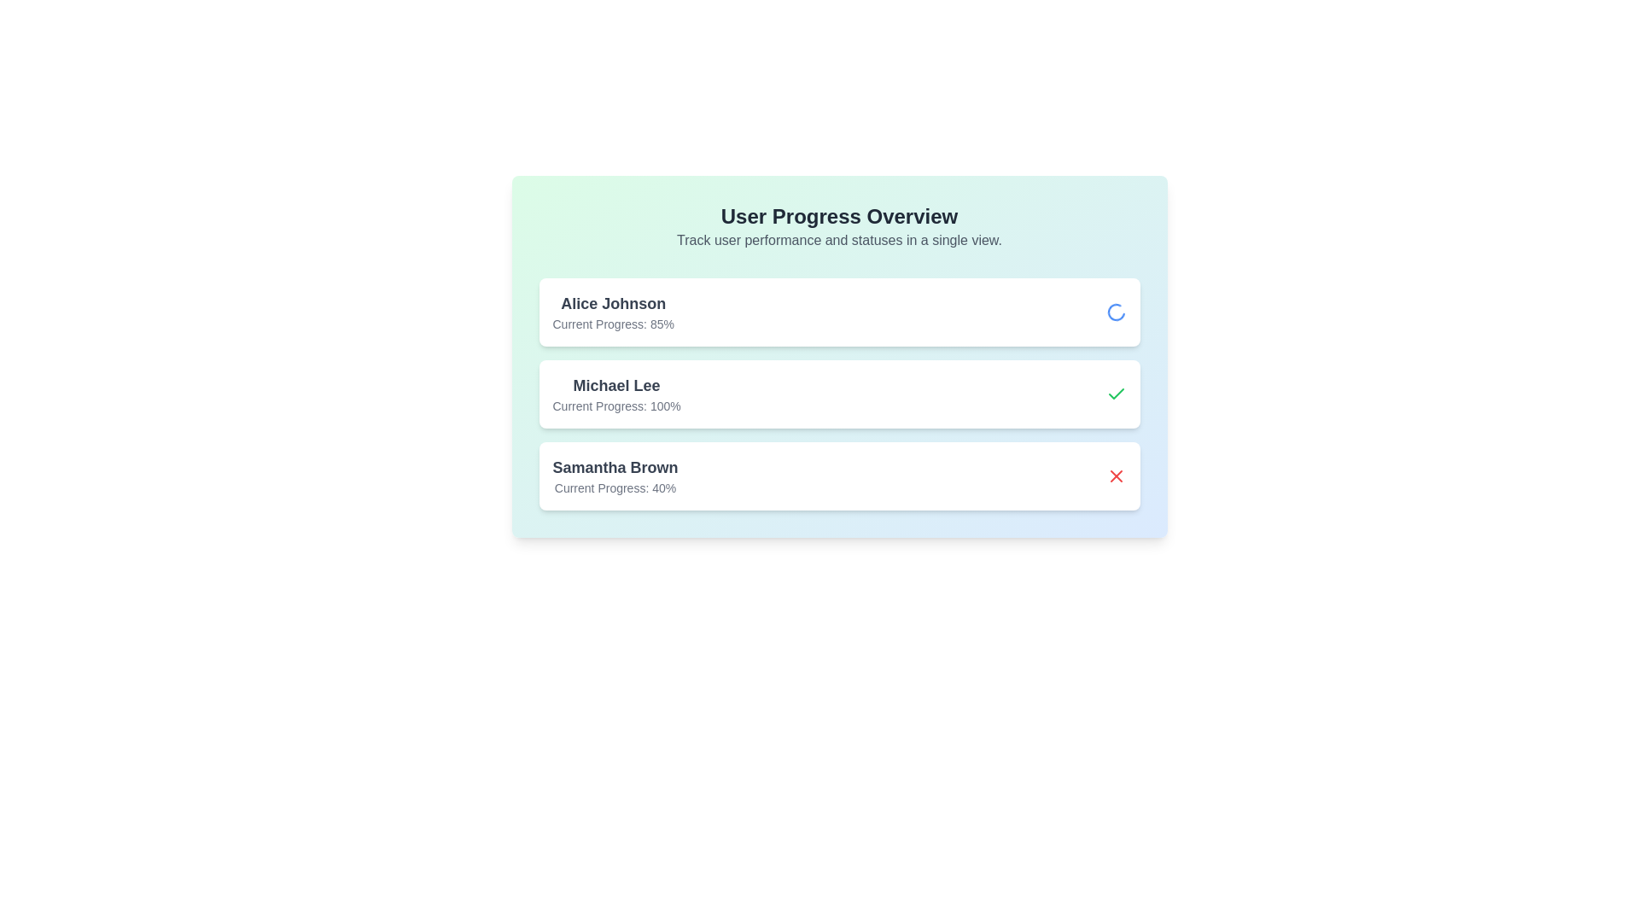 The height and width of the screenshot is (922, 1639). I want to click on information displayed on the user progress text display card, which is the first card in a vertically stacked group of user progress cards, located near the top with a white background and rounded edges, so click(613, 312).